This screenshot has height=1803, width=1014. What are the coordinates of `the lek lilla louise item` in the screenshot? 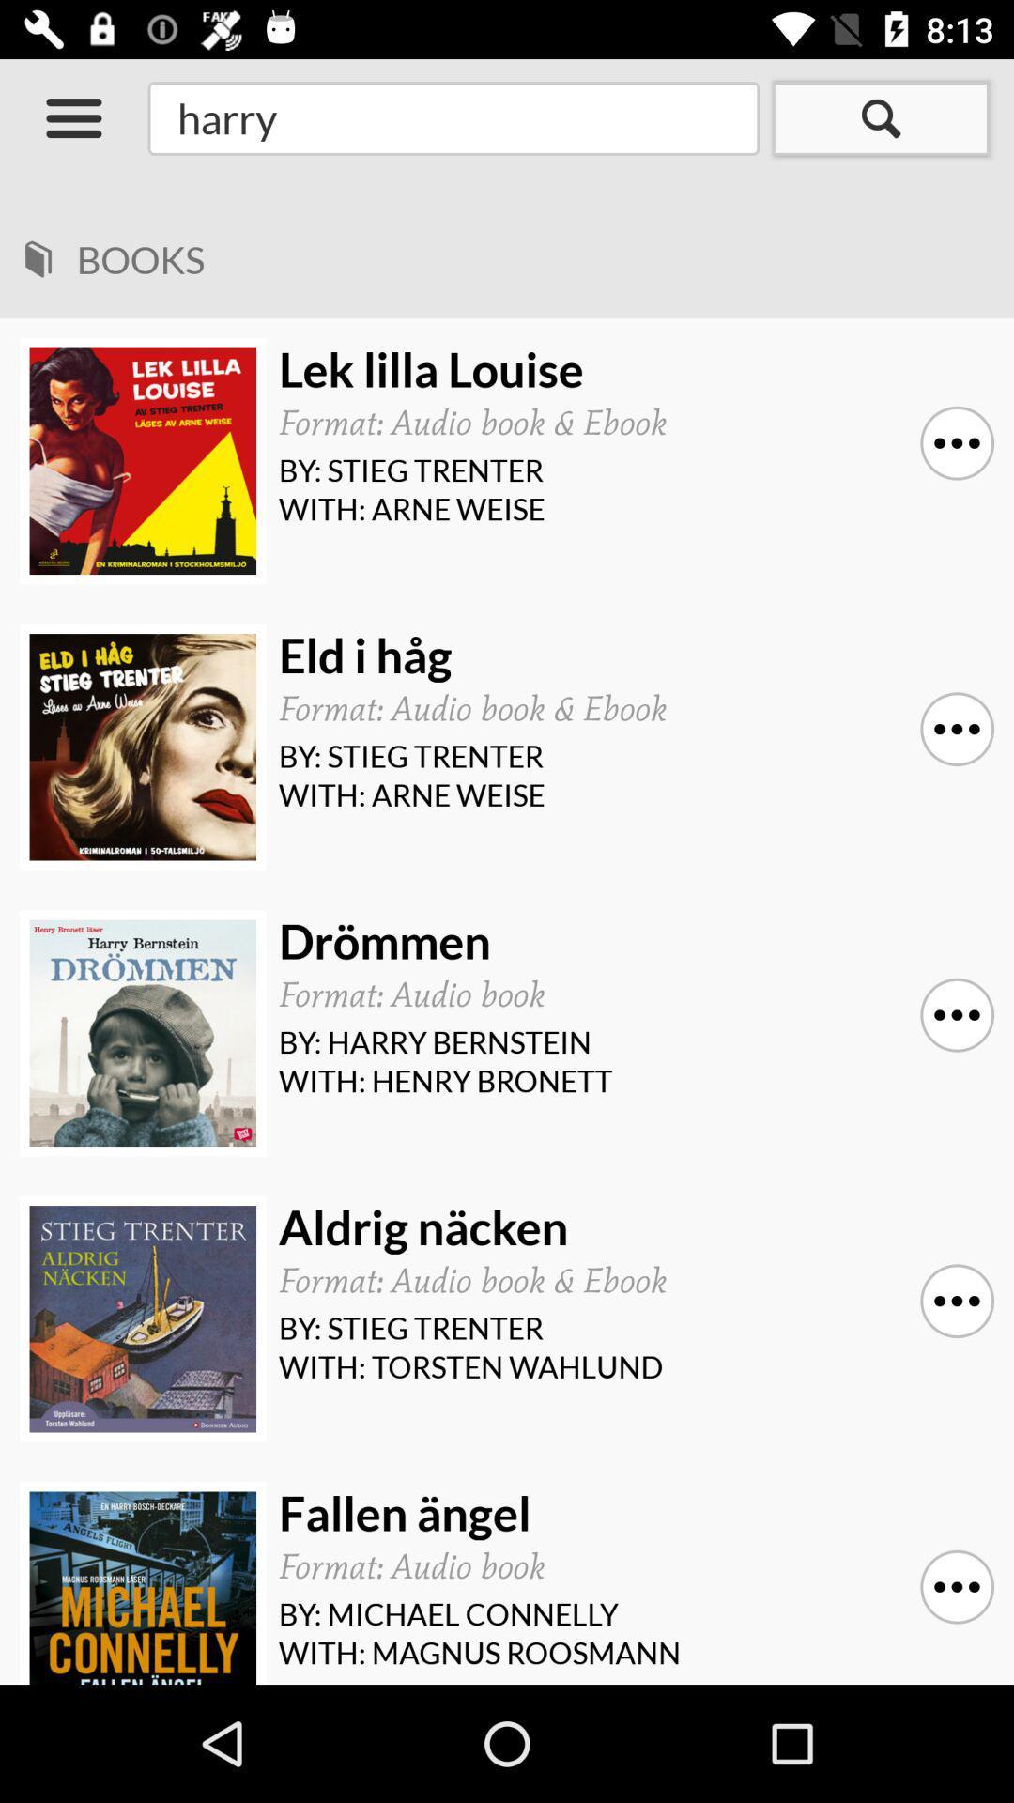 It's located at (630, 369).